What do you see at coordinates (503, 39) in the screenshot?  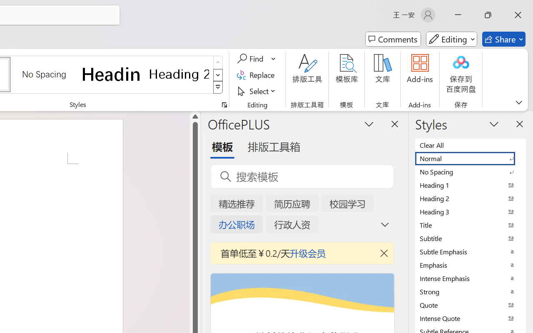 I see `'Share'` at bounding box center [503, 39].